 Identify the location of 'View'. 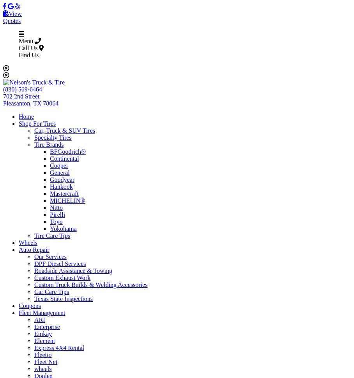
(14, 14).